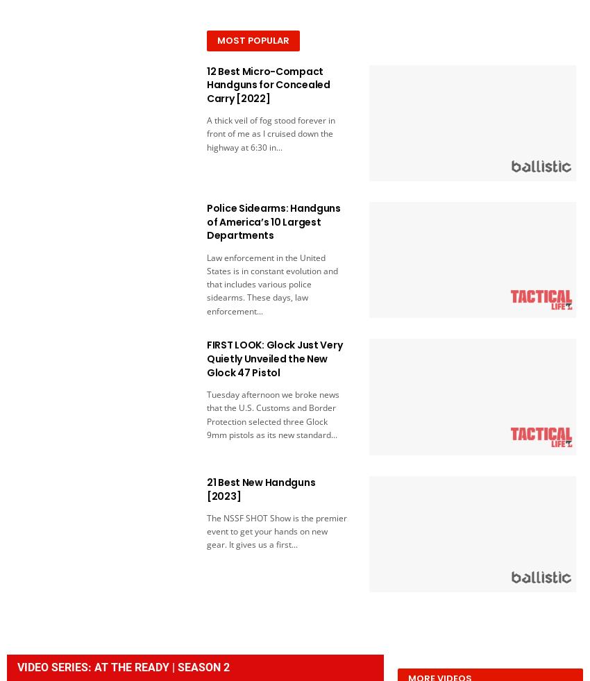 This screenshot has height=681, width=590. I want to click on '12 Best Micro-Compact Handguns for Concealed Carry [2022]', so click(267, 83).